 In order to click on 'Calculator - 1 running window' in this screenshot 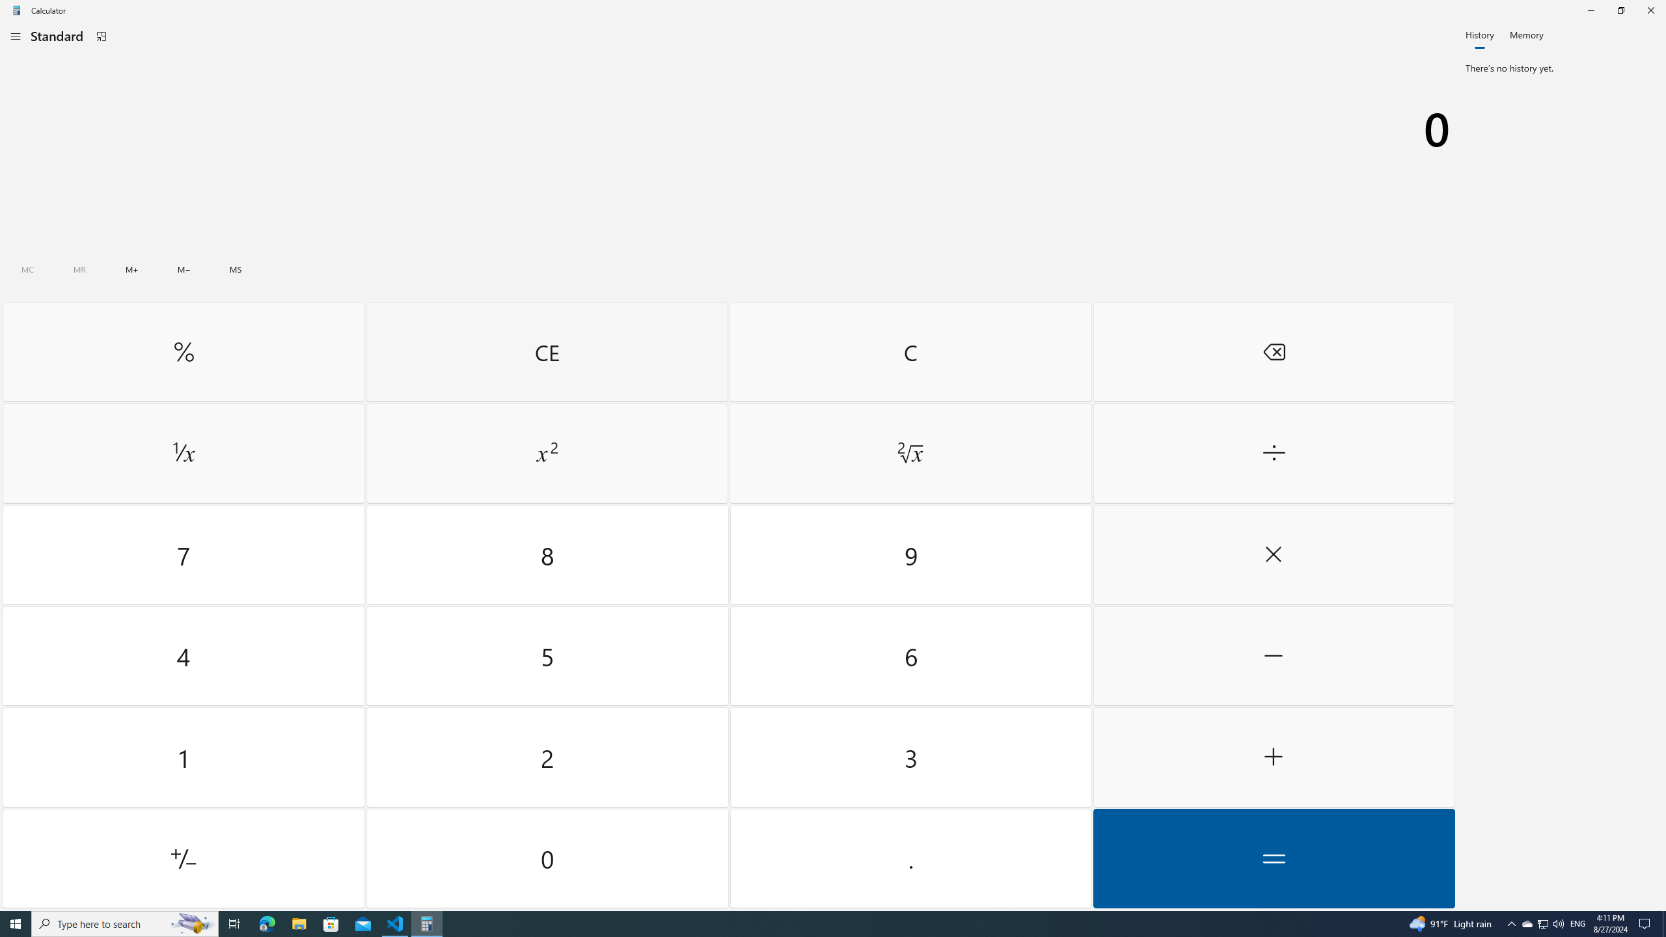, I will do `click(427, 923)`.